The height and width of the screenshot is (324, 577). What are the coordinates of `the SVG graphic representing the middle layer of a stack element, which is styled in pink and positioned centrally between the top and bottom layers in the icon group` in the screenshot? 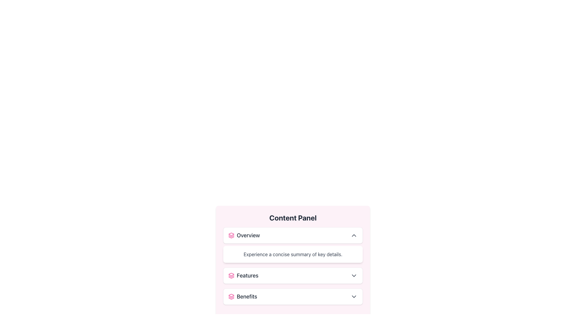 It's located at (231, 236).